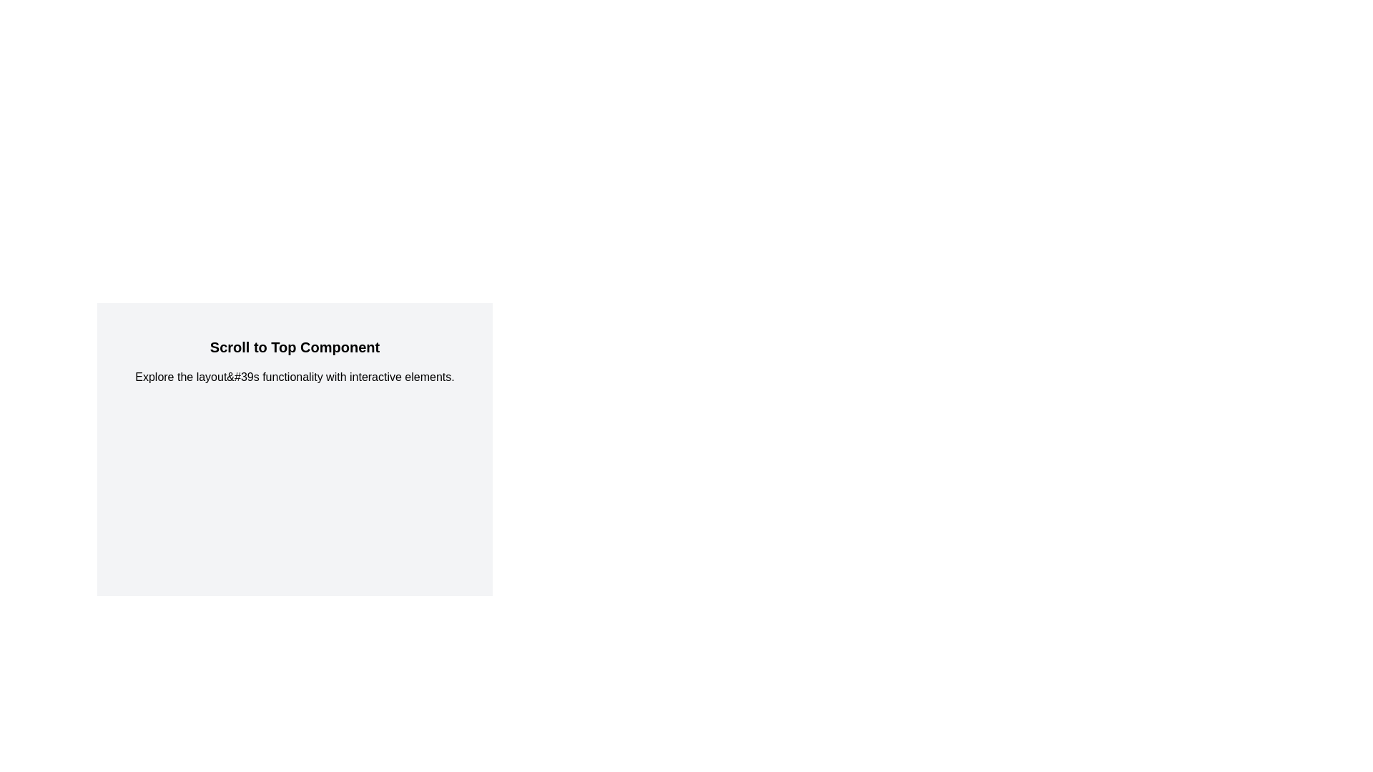 This screenshot has height=772, width=1373. What do you see at coordinates (1324, 735) in the screenshot?
I see `the SVG Circle element that represents a 'help' or 'information' concept located at the bottom-right corner of the interface` at bounding box center [1324, 735].